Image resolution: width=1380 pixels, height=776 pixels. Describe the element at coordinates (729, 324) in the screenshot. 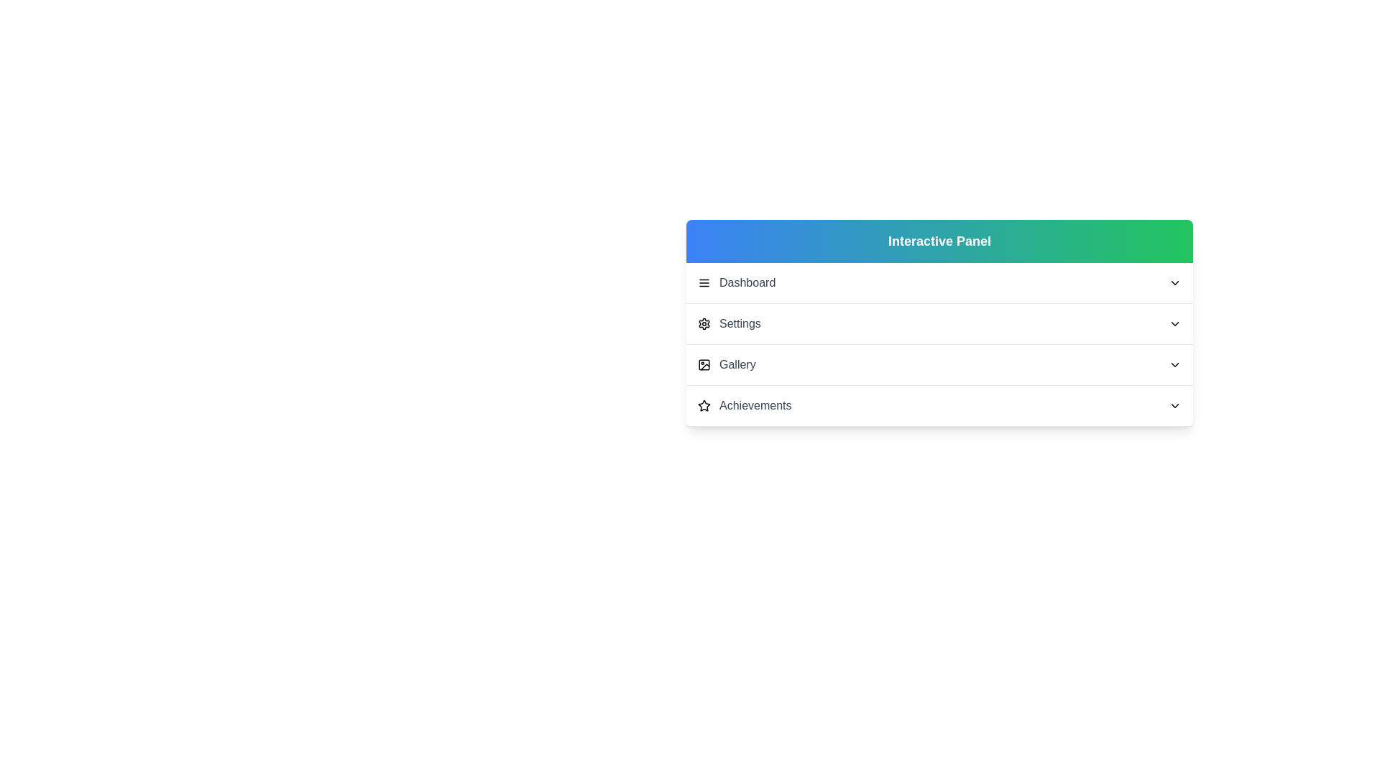

I see `the 'Settings' menu item, which features a gear icon followed by the text 'Settings'` at that location.